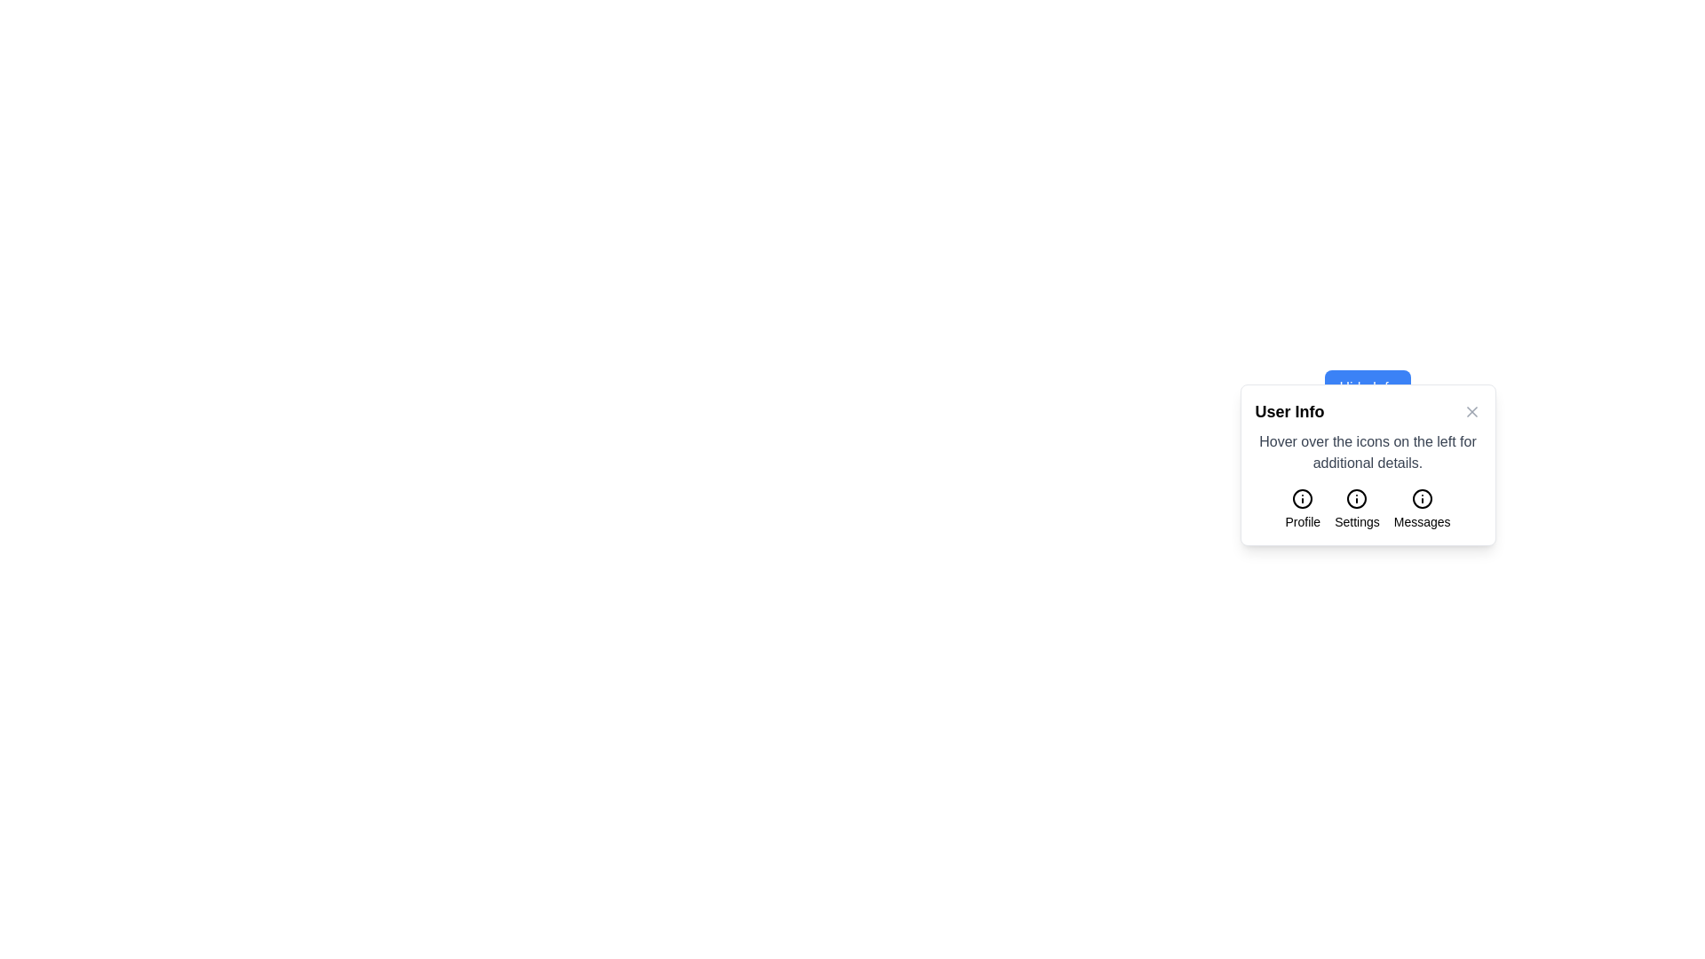 The width and height of the screenshot is (1705, 959). I want to click on the 'Profile' navigation item, which is the first element in a horizontal group of three items including 'Profile', 'Settings', and 'Messages', so click(1303, 510).